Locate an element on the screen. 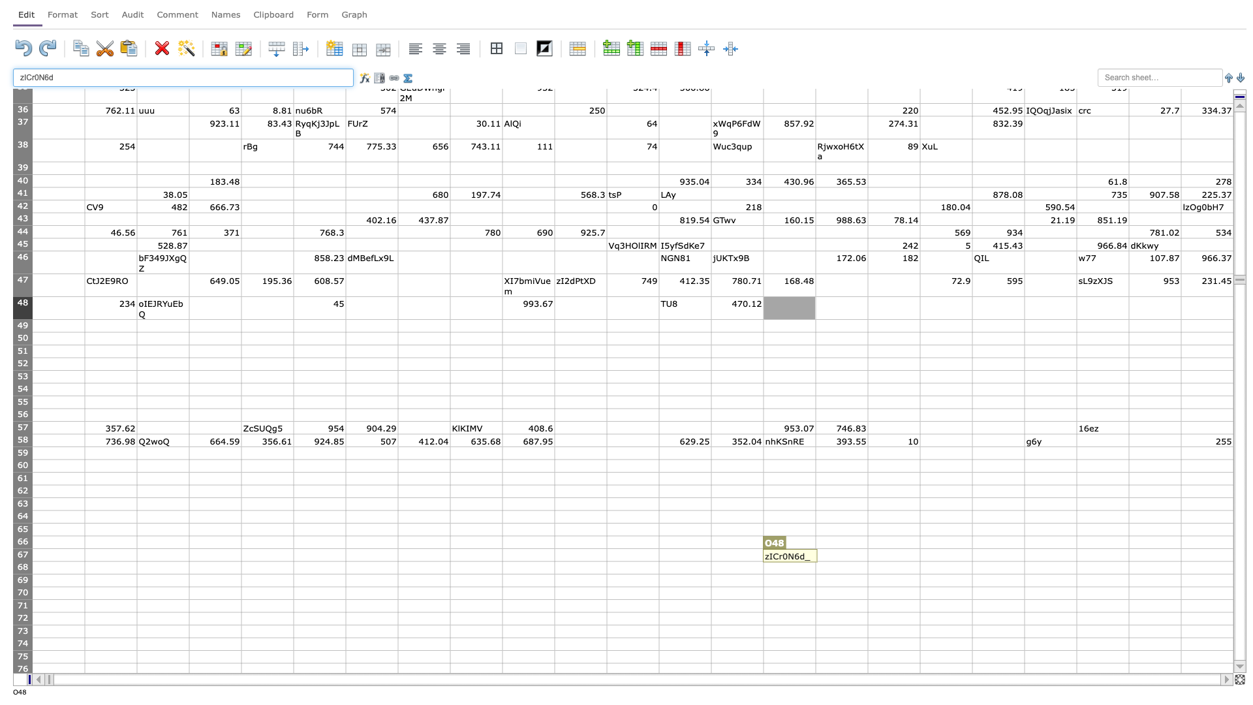 The width and height of the screenshot is (1253, 705). fill handle point of S68 is located at coordinates (1023, 573).